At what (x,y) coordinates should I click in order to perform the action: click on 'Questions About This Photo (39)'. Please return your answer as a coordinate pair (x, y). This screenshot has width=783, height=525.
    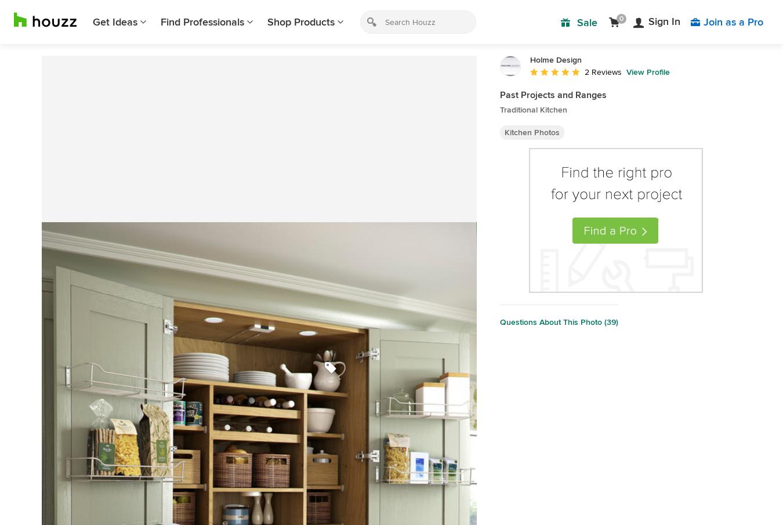
    Looking at the image, I should click on (559, 321).